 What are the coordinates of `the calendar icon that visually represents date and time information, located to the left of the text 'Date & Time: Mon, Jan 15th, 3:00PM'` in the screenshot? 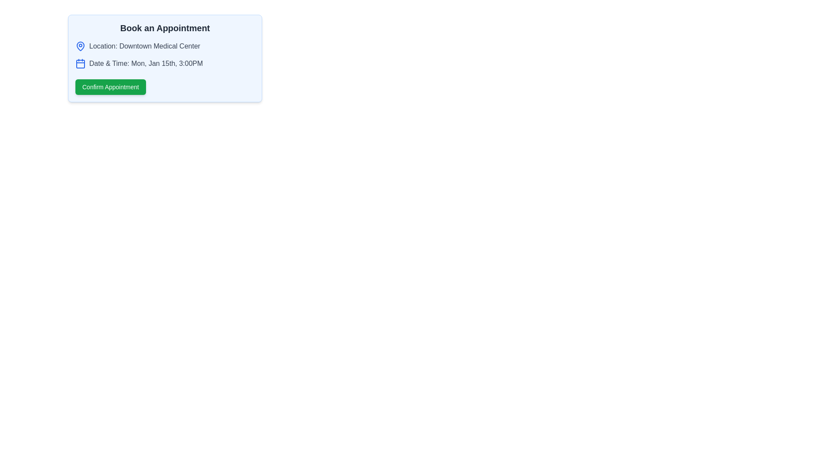 It's located at (81, 63).